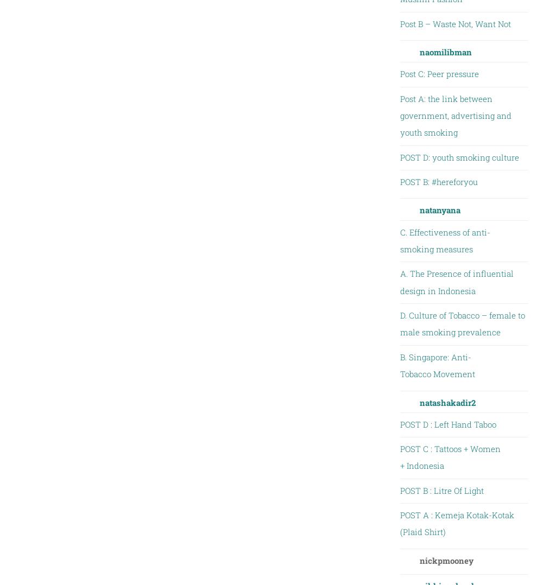  I want to click on 'Post C: Peer pressure', so click(439, 74).